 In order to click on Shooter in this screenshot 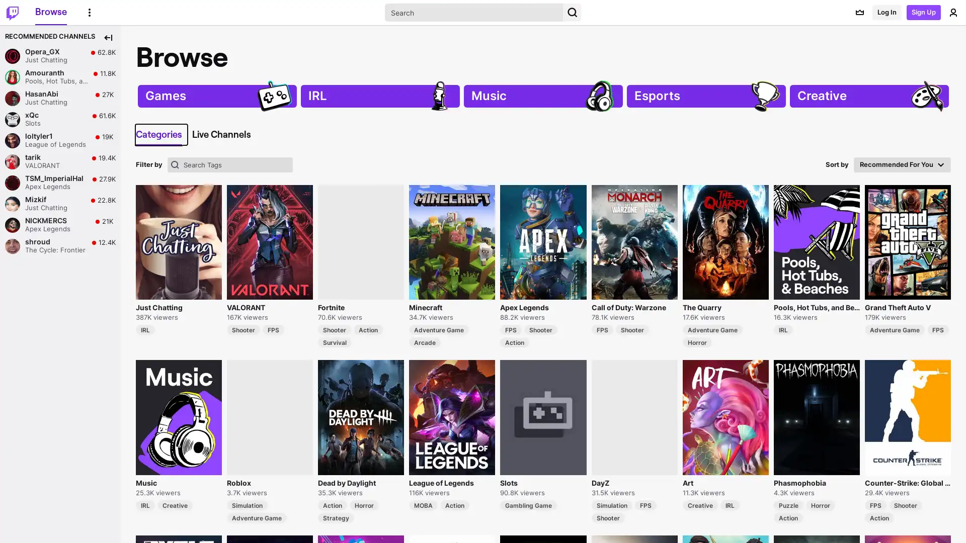, I will do `click(631, 329)`.